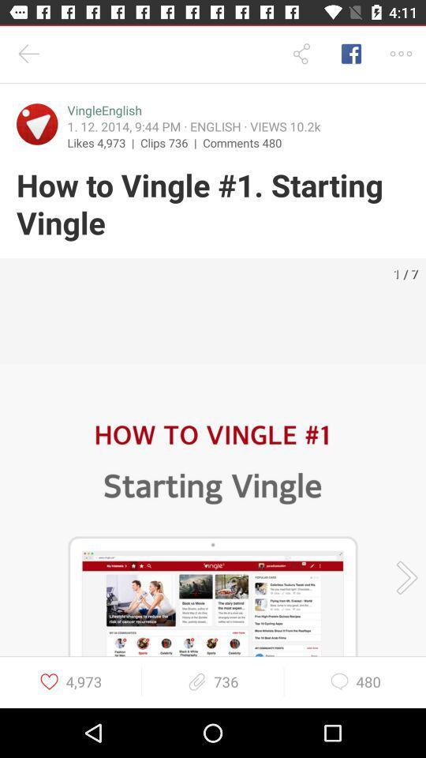  I want to click on the icon to the left of comments 480 icon, so click(170, 141).